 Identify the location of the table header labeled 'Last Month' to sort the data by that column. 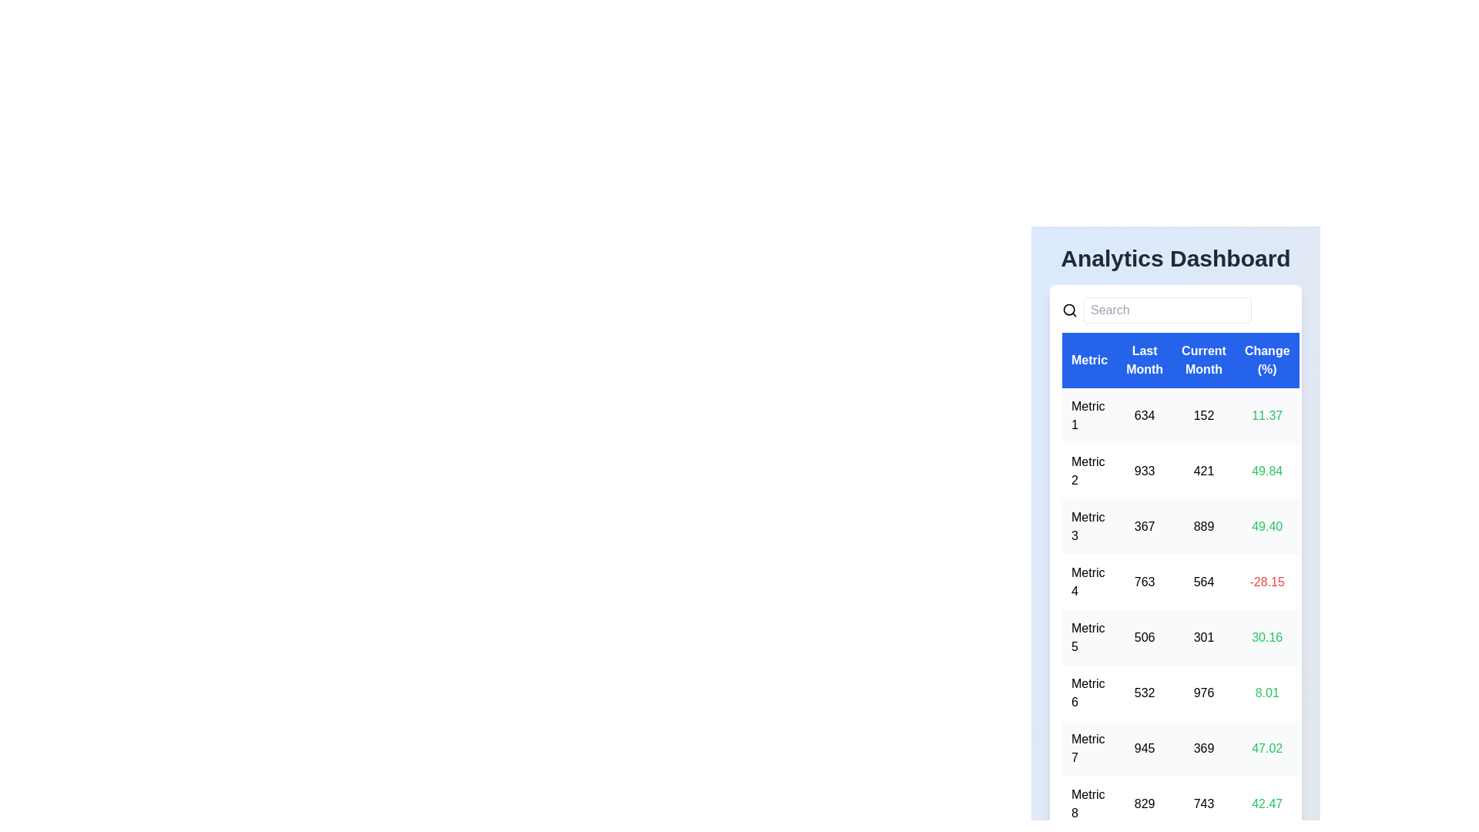
(1145, 360).